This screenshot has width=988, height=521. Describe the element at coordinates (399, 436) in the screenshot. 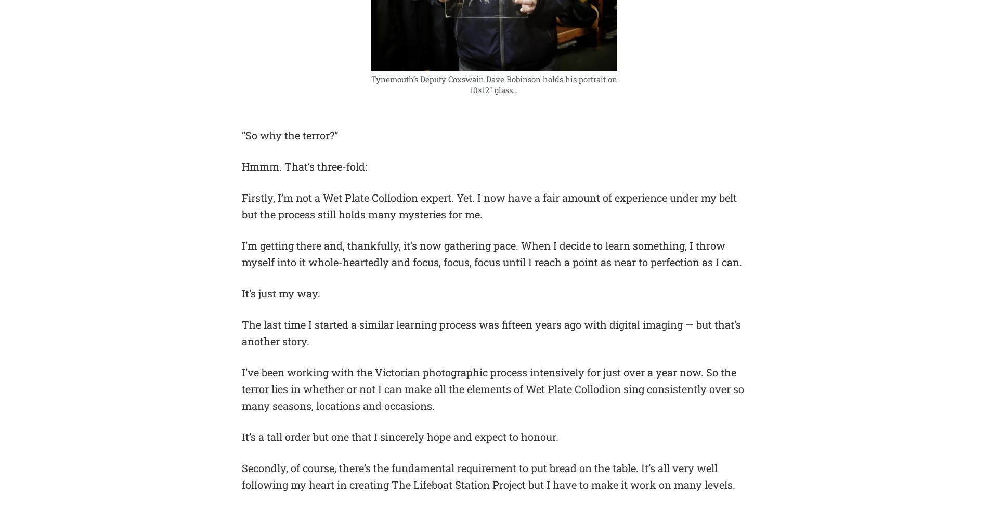

I see `'It’s a tall order but one that I sincerely hope and expect to honour.'` at that location.